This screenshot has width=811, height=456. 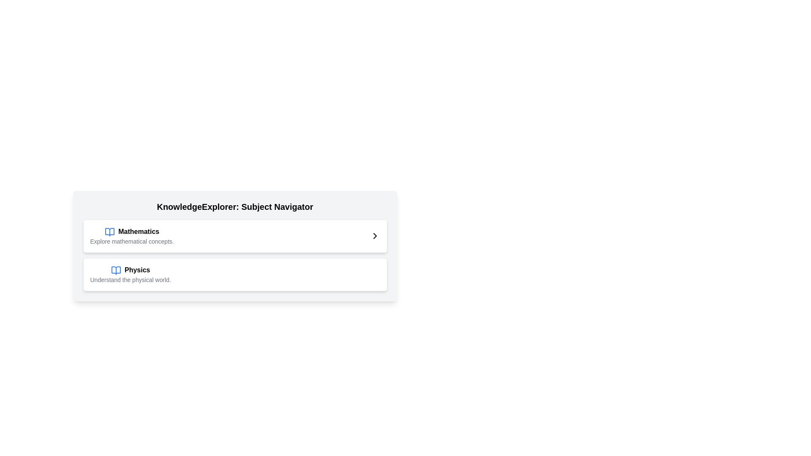 I want to click on the Text Label that serves as a title or heading for the subject of mathematics, located to the right of a blue open book icon, so click(x=139, y=231).